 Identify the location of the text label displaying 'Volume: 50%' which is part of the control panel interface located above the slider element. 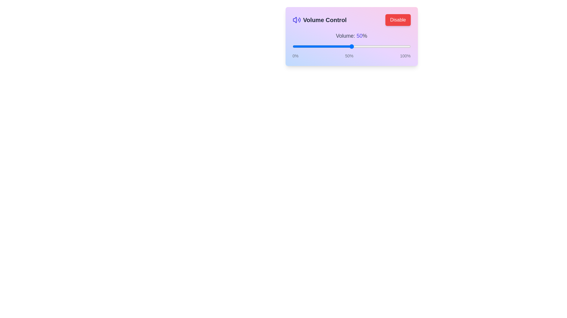
(351, 36).